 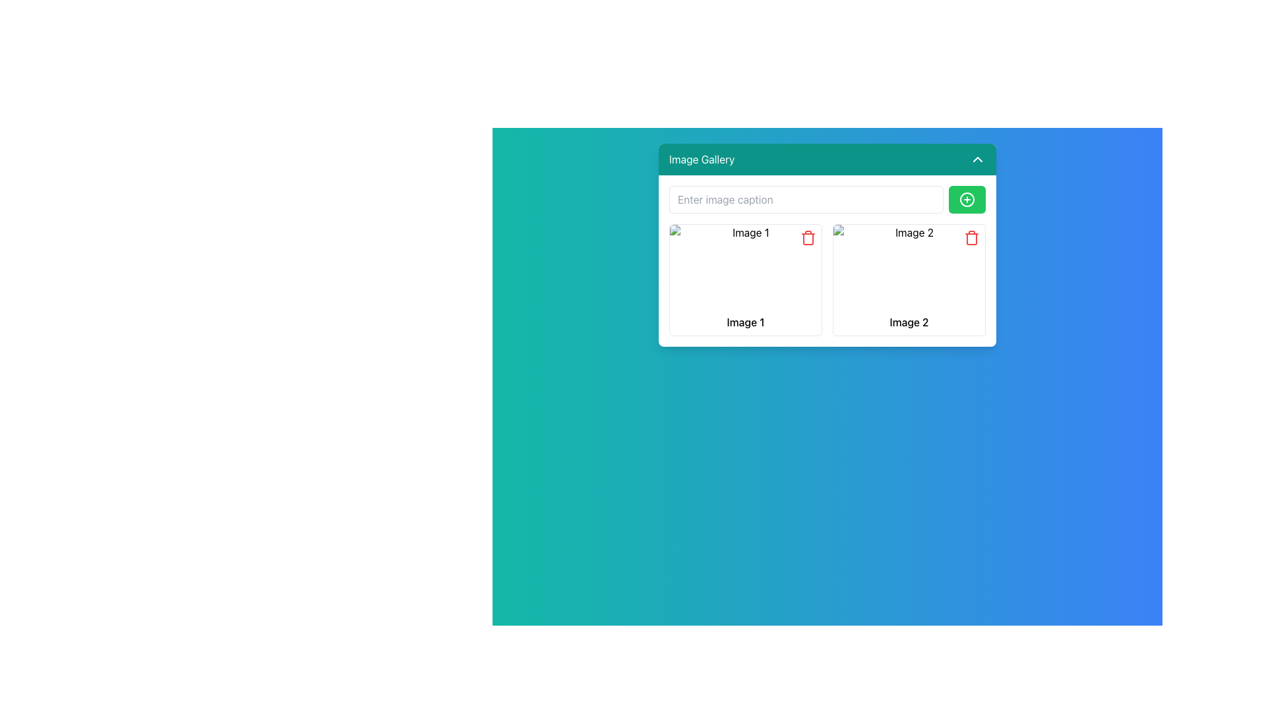 What do you see at coordinates (908, 322) in the screenshot?
I see `the 'Image 2' text label displayed below the image thumbnail to highlight it` at bounding box center [908, 322].